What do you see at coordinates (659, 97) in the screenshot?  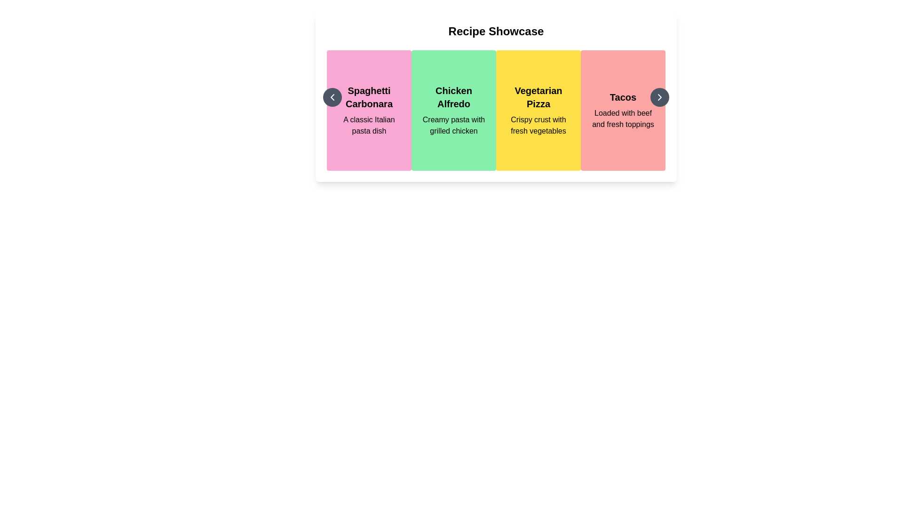 I see `the right arrow indicator icon located within the SVG group` at bounding box center [659, 97].